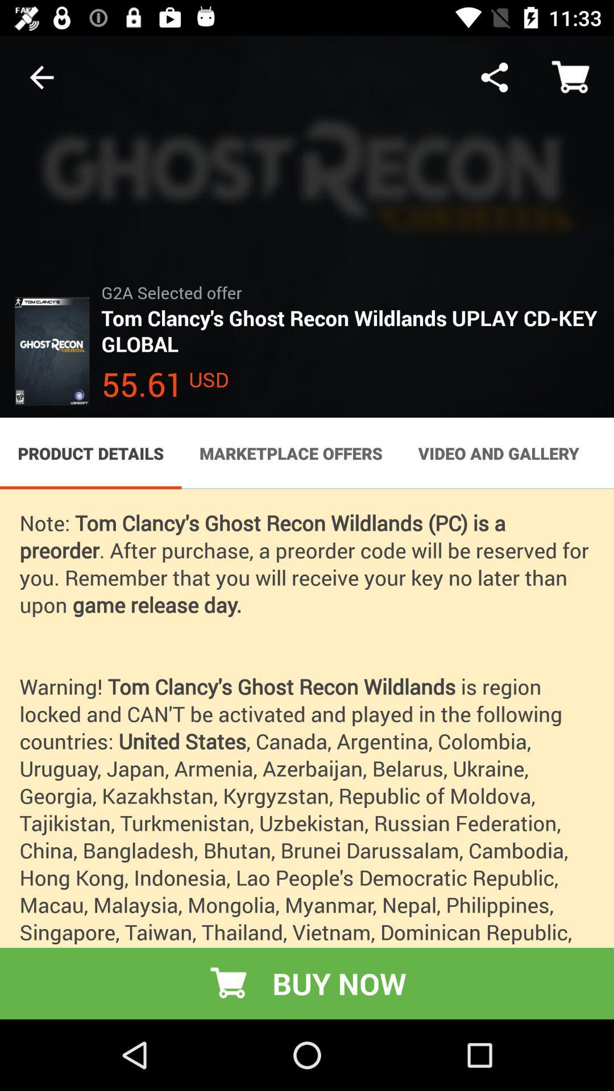 This screenshot has height=1091, width=614. Describe the element at coordinates (307, 754) in the screenshot. I see `icon below product details item` at that location.